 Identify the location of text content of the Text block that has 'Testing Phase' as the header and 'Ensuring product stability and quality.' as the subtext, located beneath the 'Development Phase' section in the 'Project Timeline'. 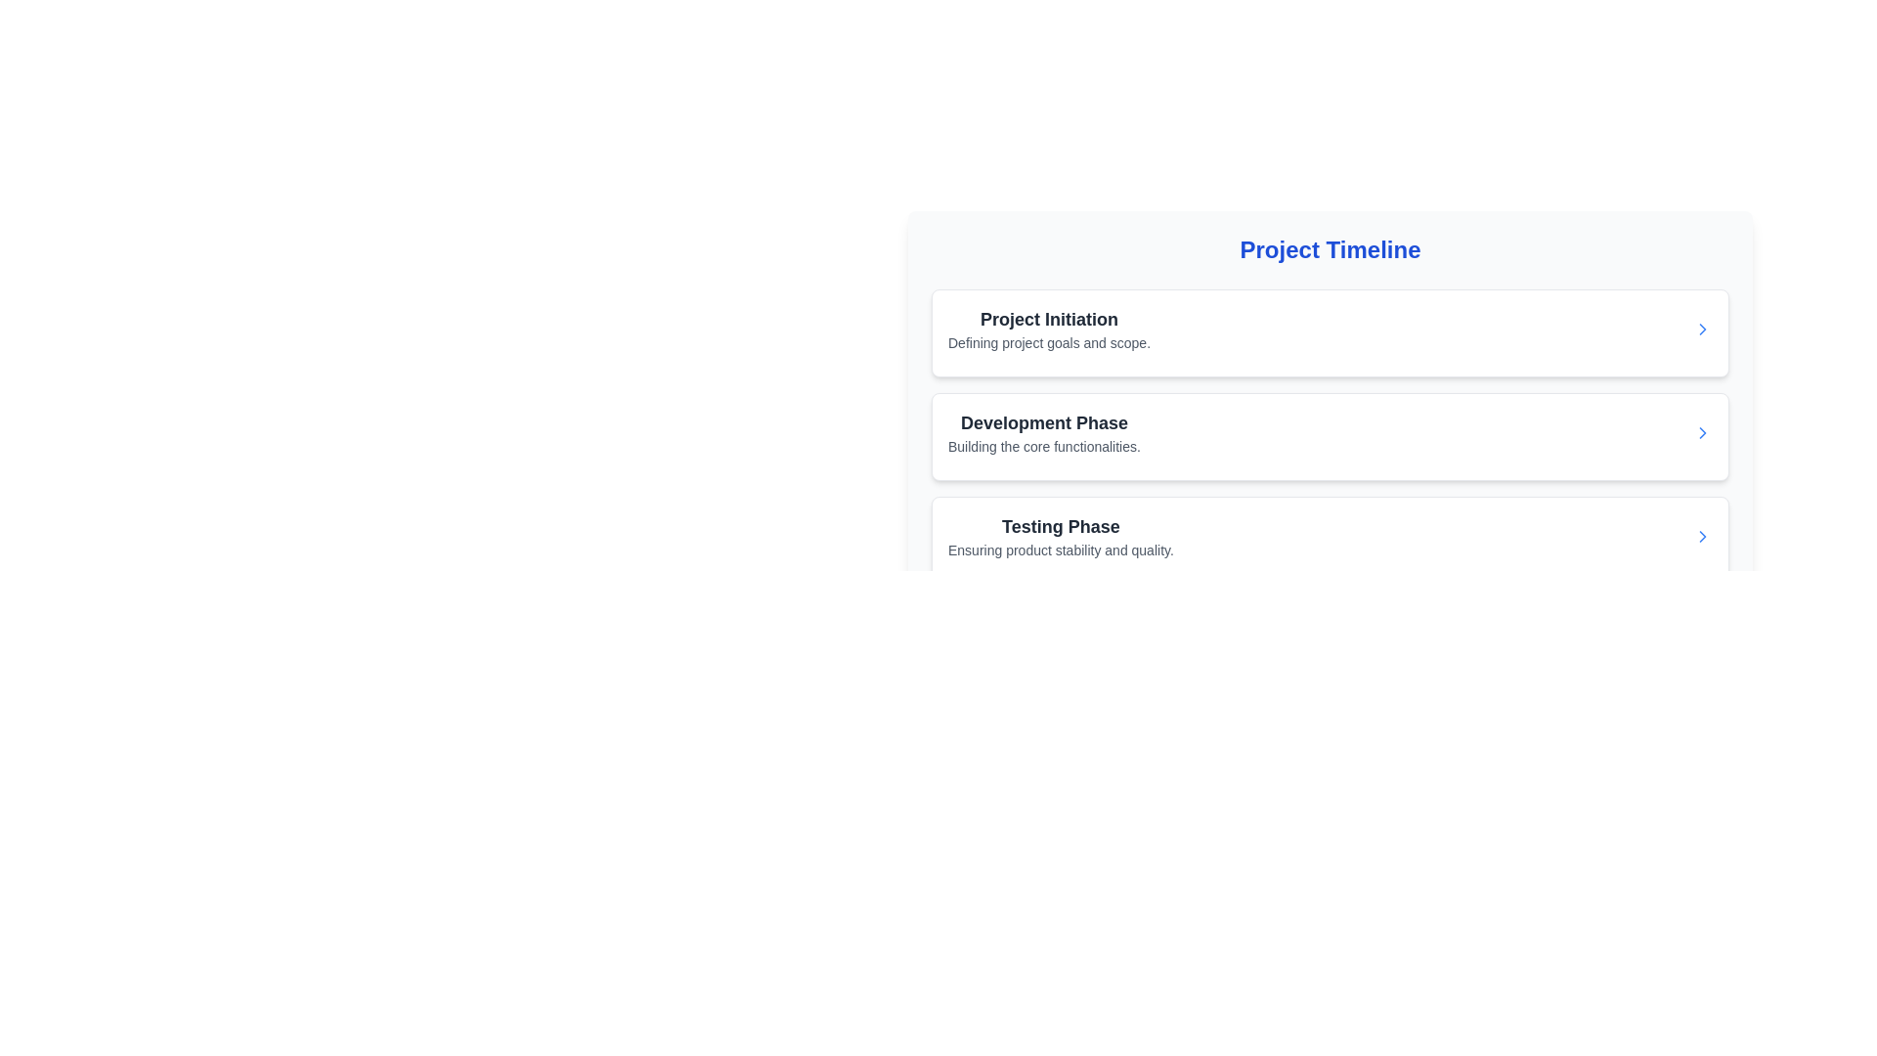
(1060, 536).